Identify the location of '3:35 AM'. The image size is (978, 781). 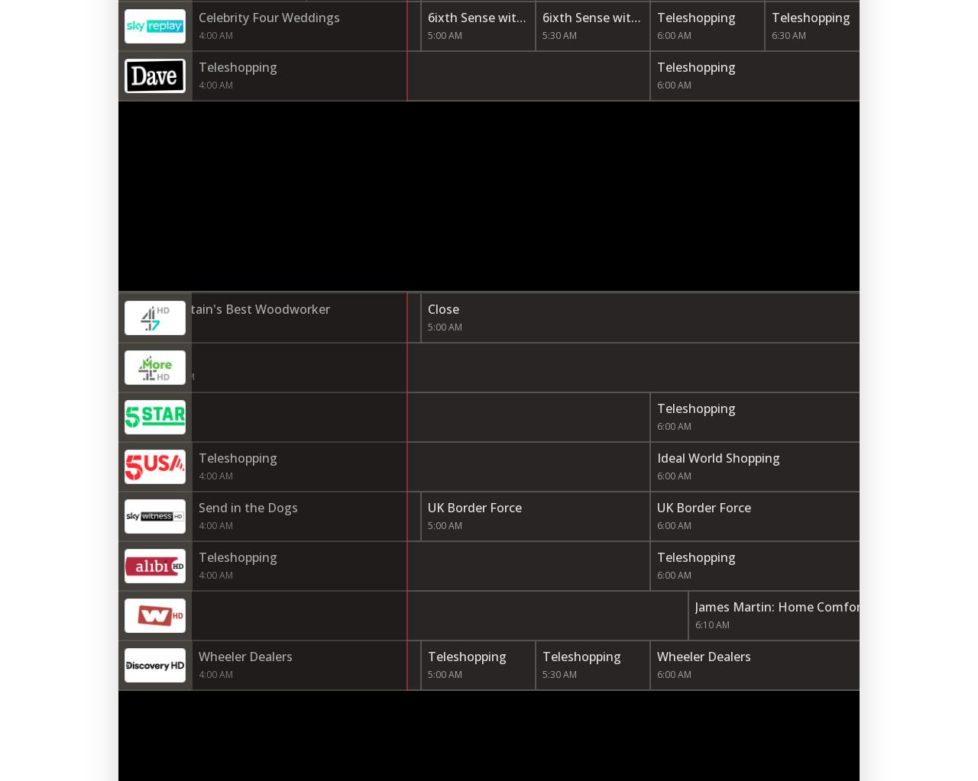
(119, 327).